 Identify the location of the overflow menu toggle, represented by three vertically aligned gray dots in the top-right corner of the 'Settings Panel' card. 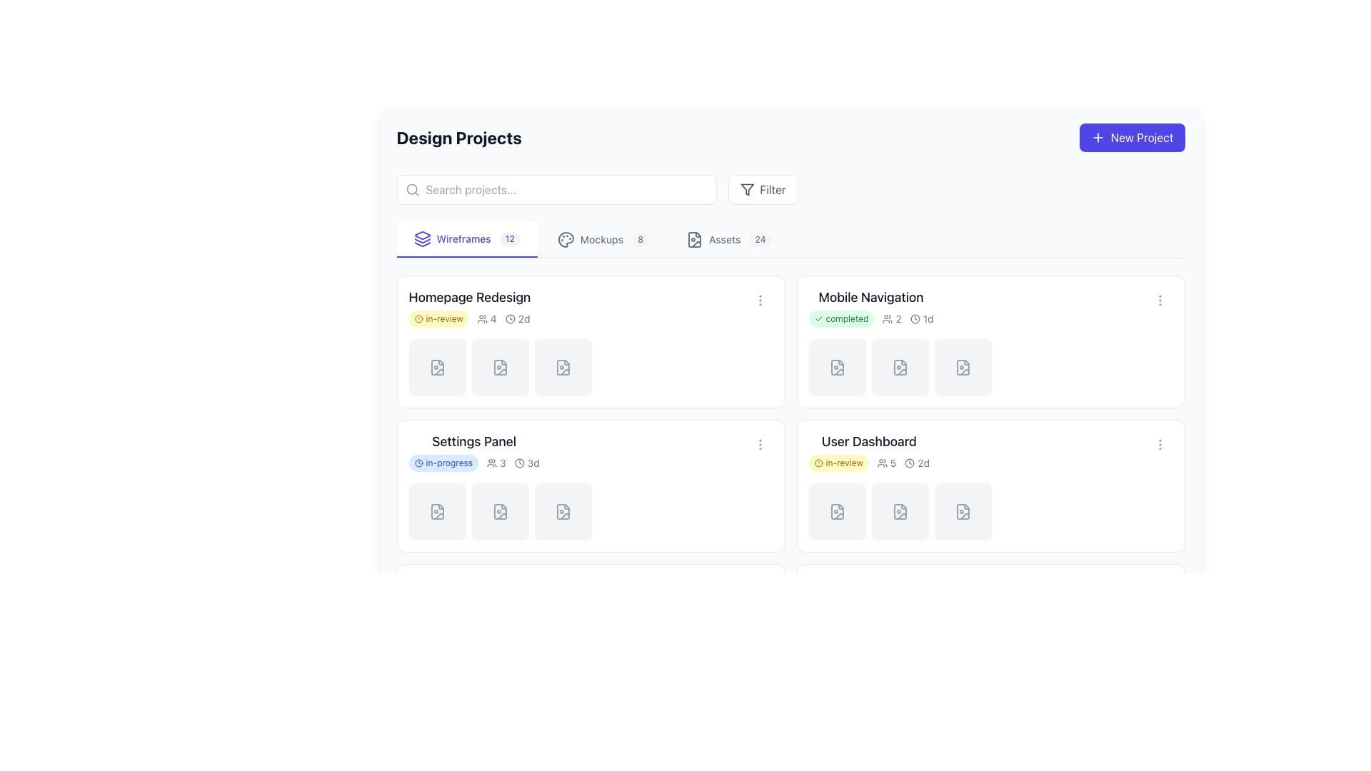
(759, 444).